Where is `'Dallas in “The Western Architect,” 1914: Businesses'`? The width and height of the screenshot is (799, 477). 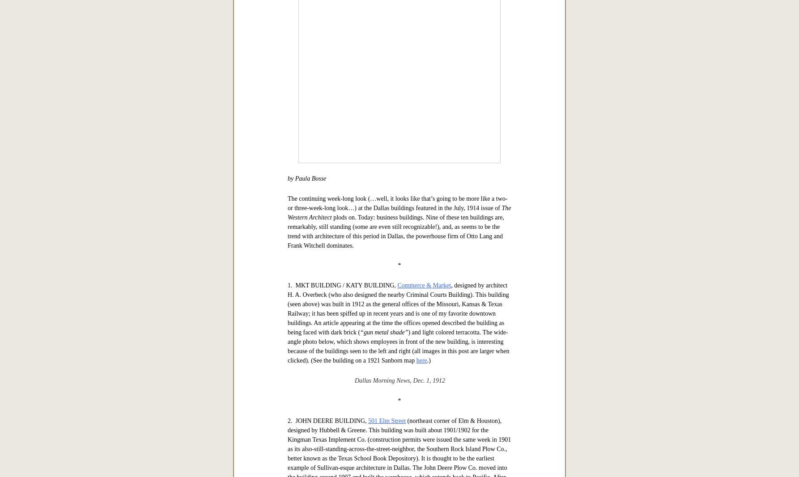 'Dallas in “The Western Architect,” 1914: Businesses' is located at coordinates (399, 222).